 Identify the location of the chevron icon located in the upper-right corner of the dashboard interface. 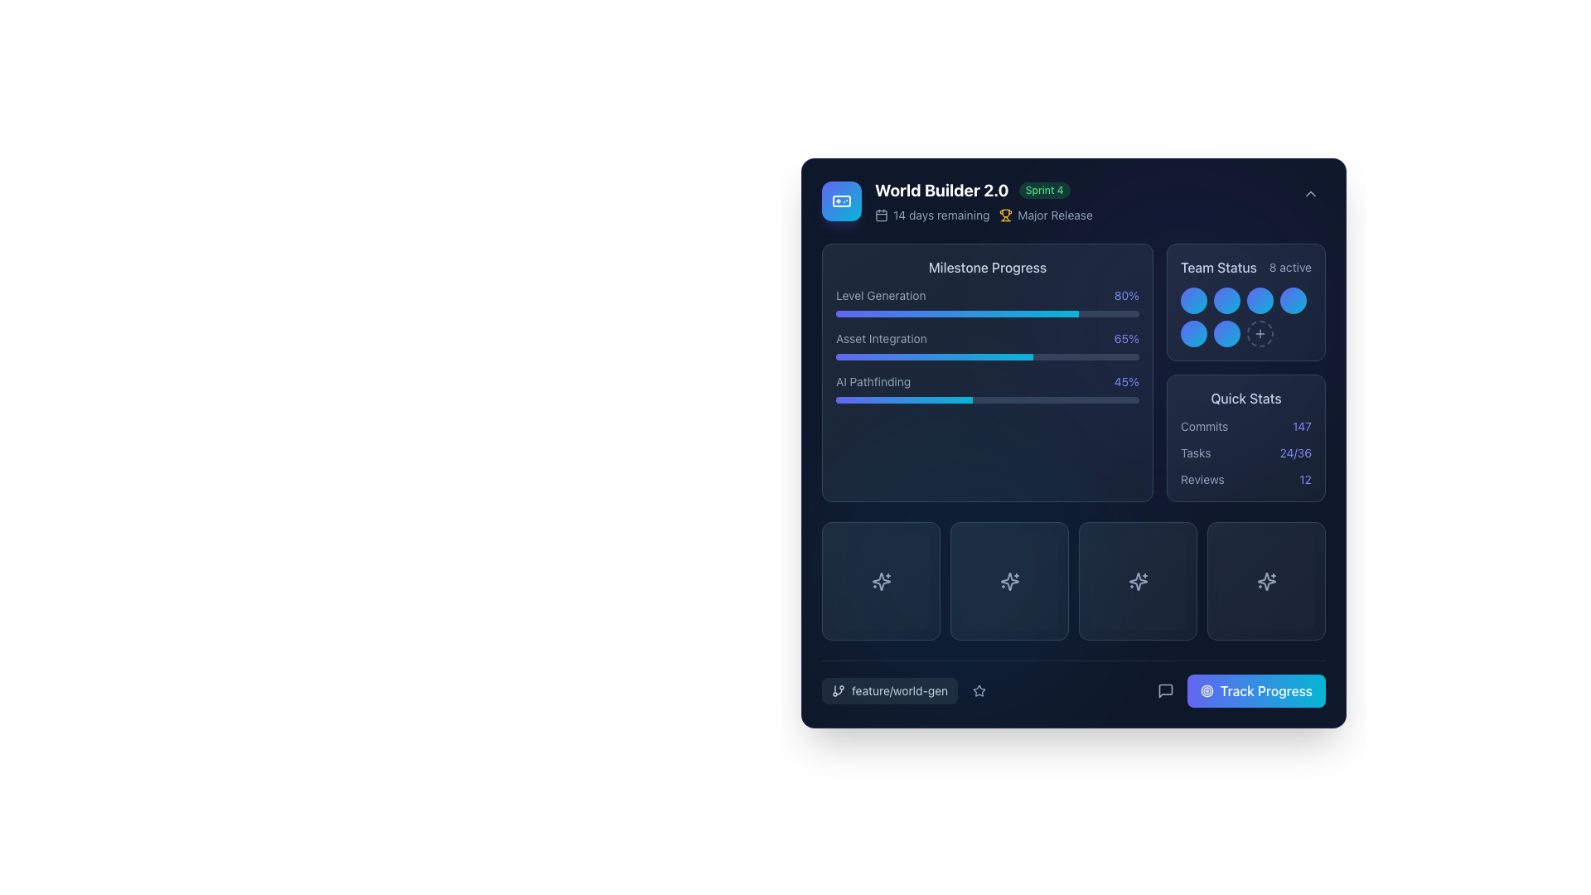
(1310, 193).